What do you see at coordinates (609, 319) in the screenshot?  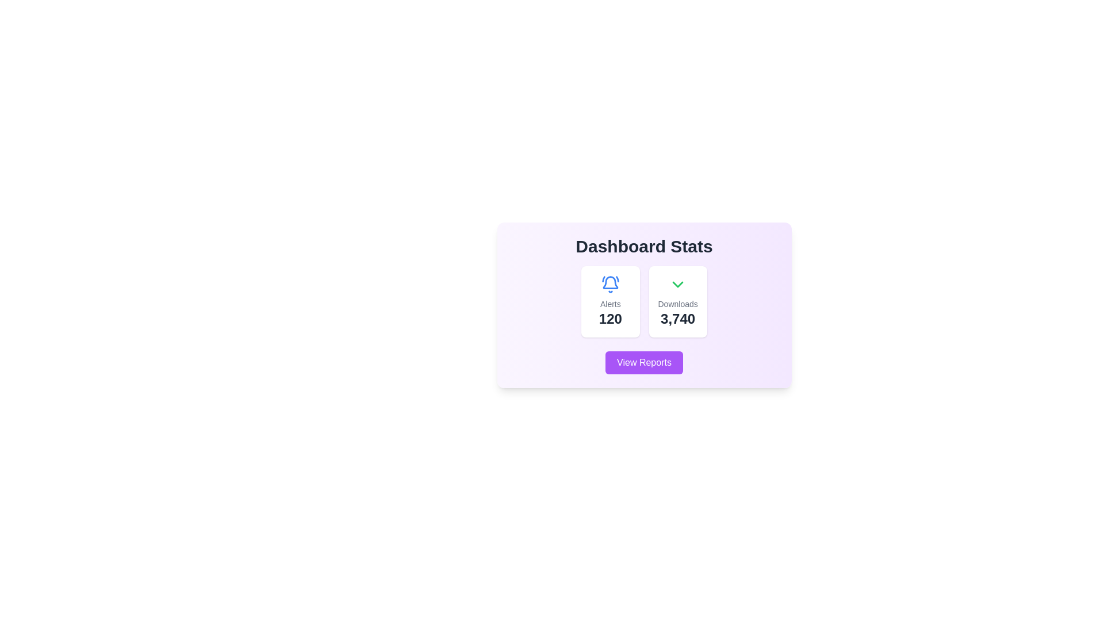 I see `text element displaying '120' in bold and large font, positioned at the bottom of the statistics card aligned with the label 'Alerts'` at bounding box center [609, 319].